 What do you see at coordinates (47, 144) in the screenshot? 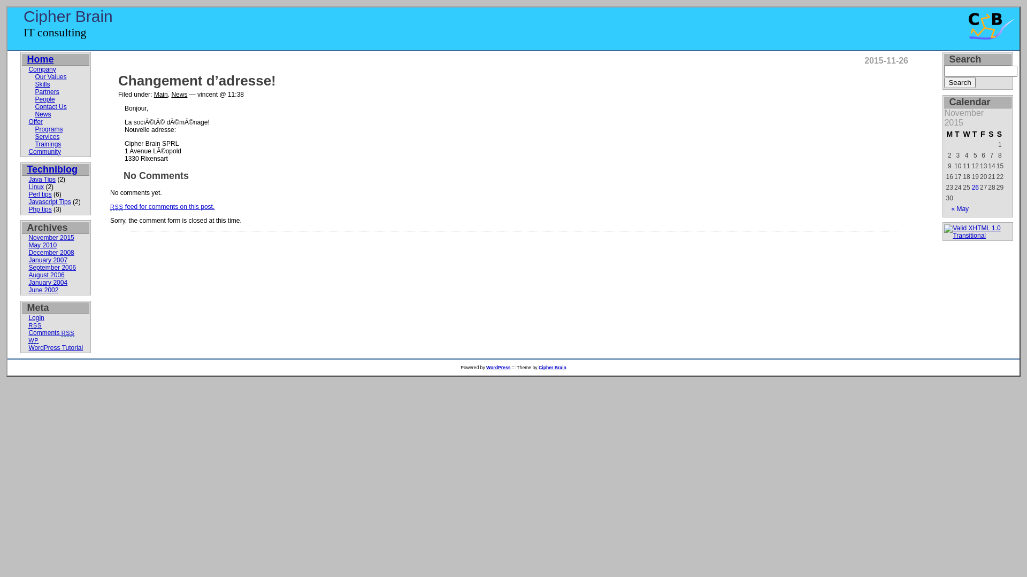
I see `'Trainings'` at bounding box center [47, 144].